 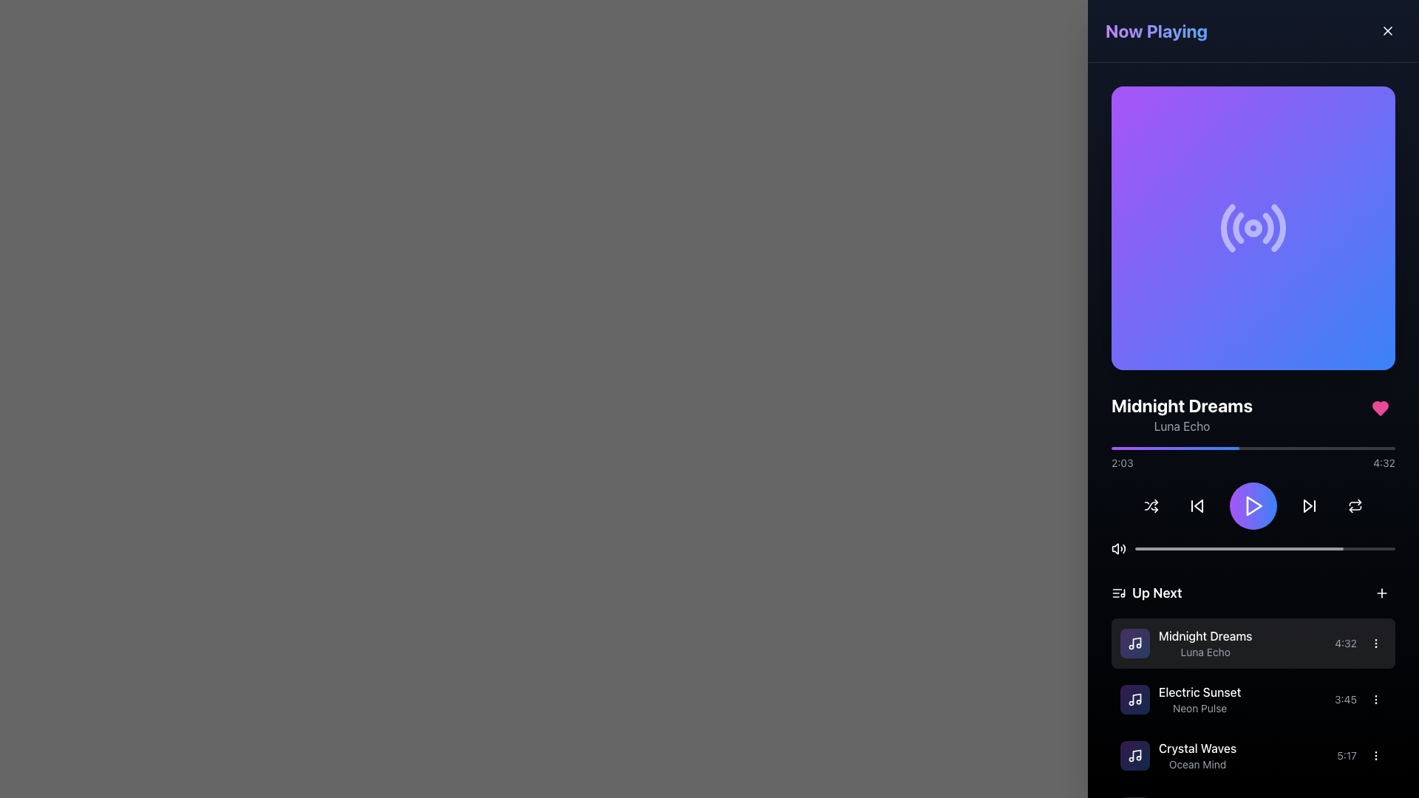 I want to click on the playback position, so click(x=1296, y=447).